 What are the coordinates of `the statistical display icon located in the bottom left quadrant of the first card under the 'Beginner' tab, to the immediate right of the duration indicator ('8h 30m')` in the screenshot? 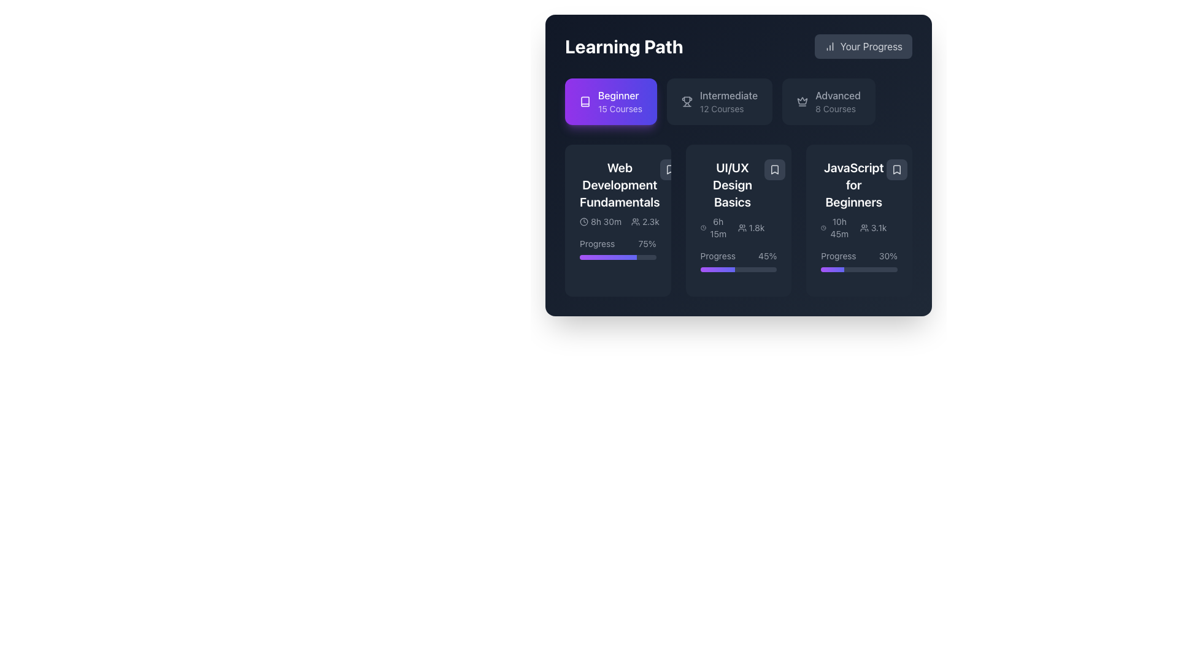 It's located at (644, 222).